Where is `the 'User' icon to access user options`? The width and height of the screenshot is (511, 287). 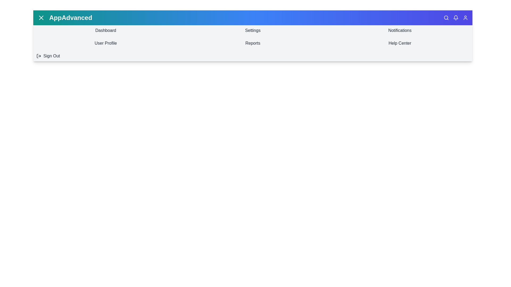
the 'User' icon to access user options is located at coordinates (465, 17).